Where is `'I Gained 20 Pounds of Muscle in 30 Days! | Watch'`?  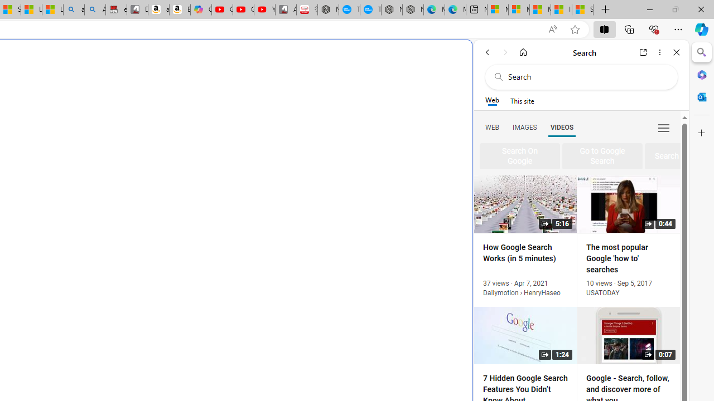 'I Gained 20 Pounds of Muscle in 30 Days! | Watch' is located at coordinates (561, 9).